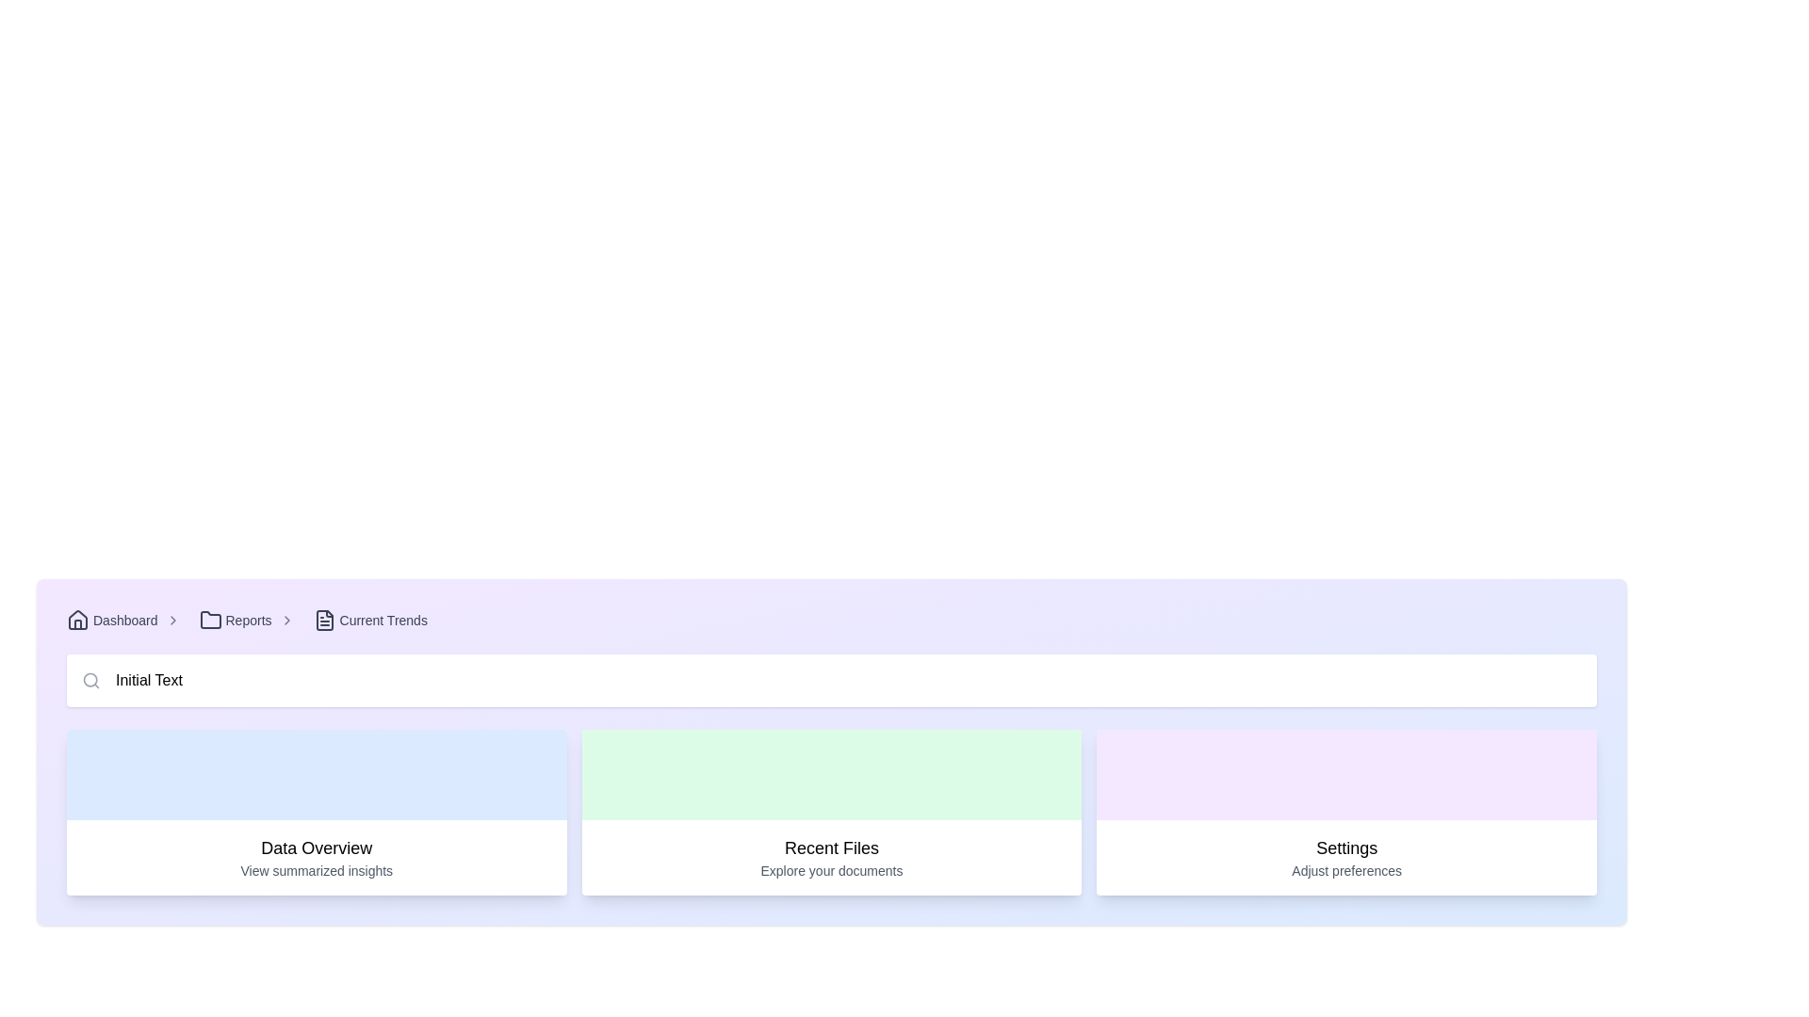 This screenshot has height=1017, width=1809. I want to click on the 'Current Trends' breadcrumb link in the navigation bar, so click(370, 621).